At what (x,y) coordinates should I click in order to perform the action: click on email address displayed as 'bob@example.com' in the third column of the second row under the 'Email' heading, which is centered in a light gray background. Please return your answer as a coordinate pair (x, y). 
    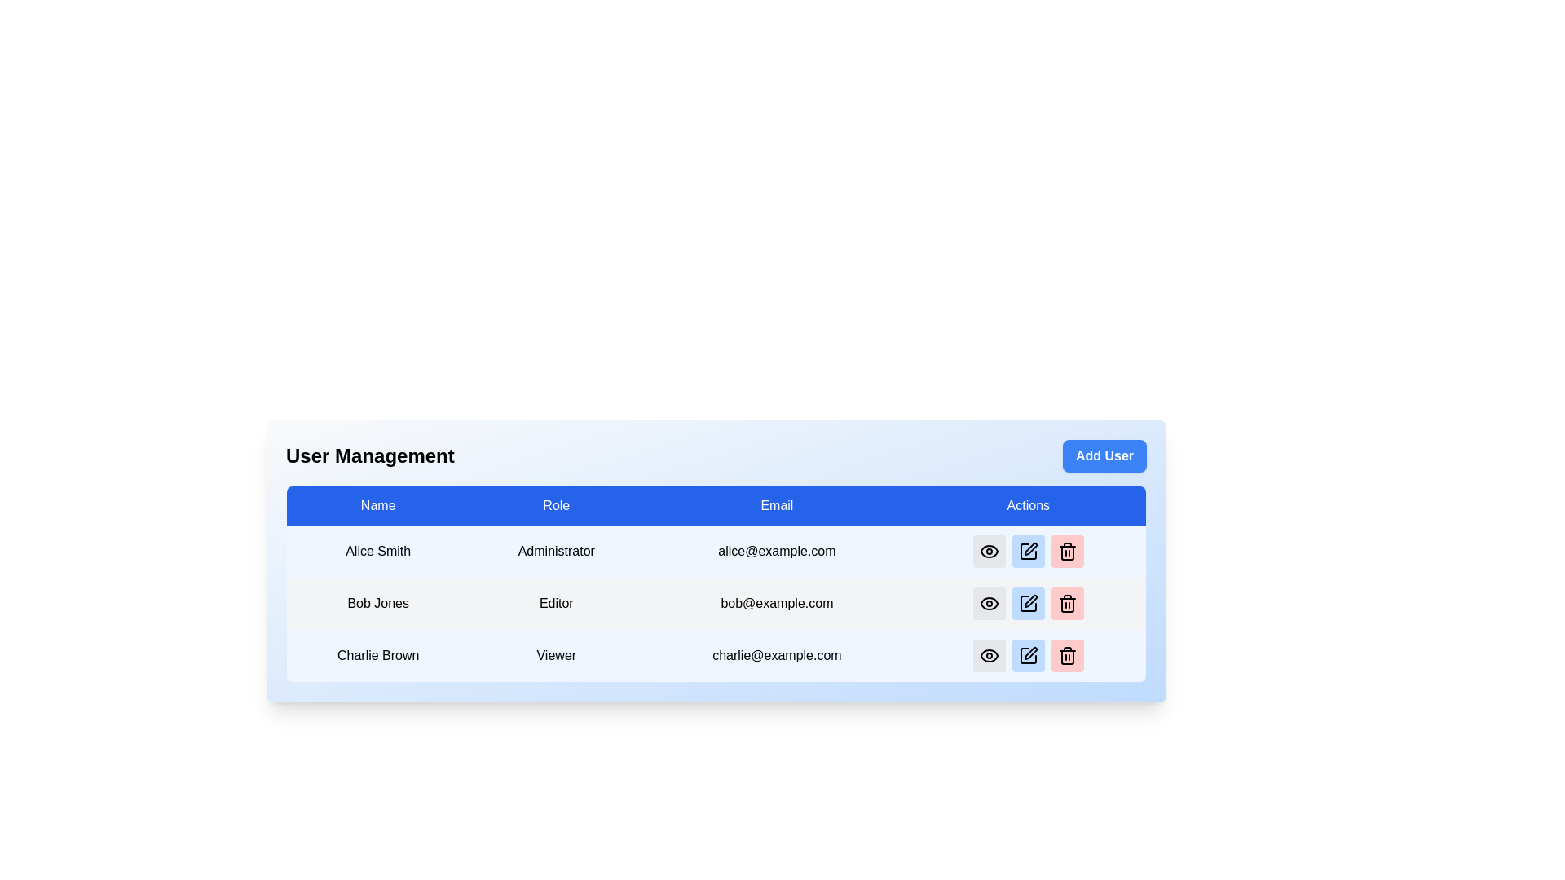
    Looking at the image, I should click on (776, 603).